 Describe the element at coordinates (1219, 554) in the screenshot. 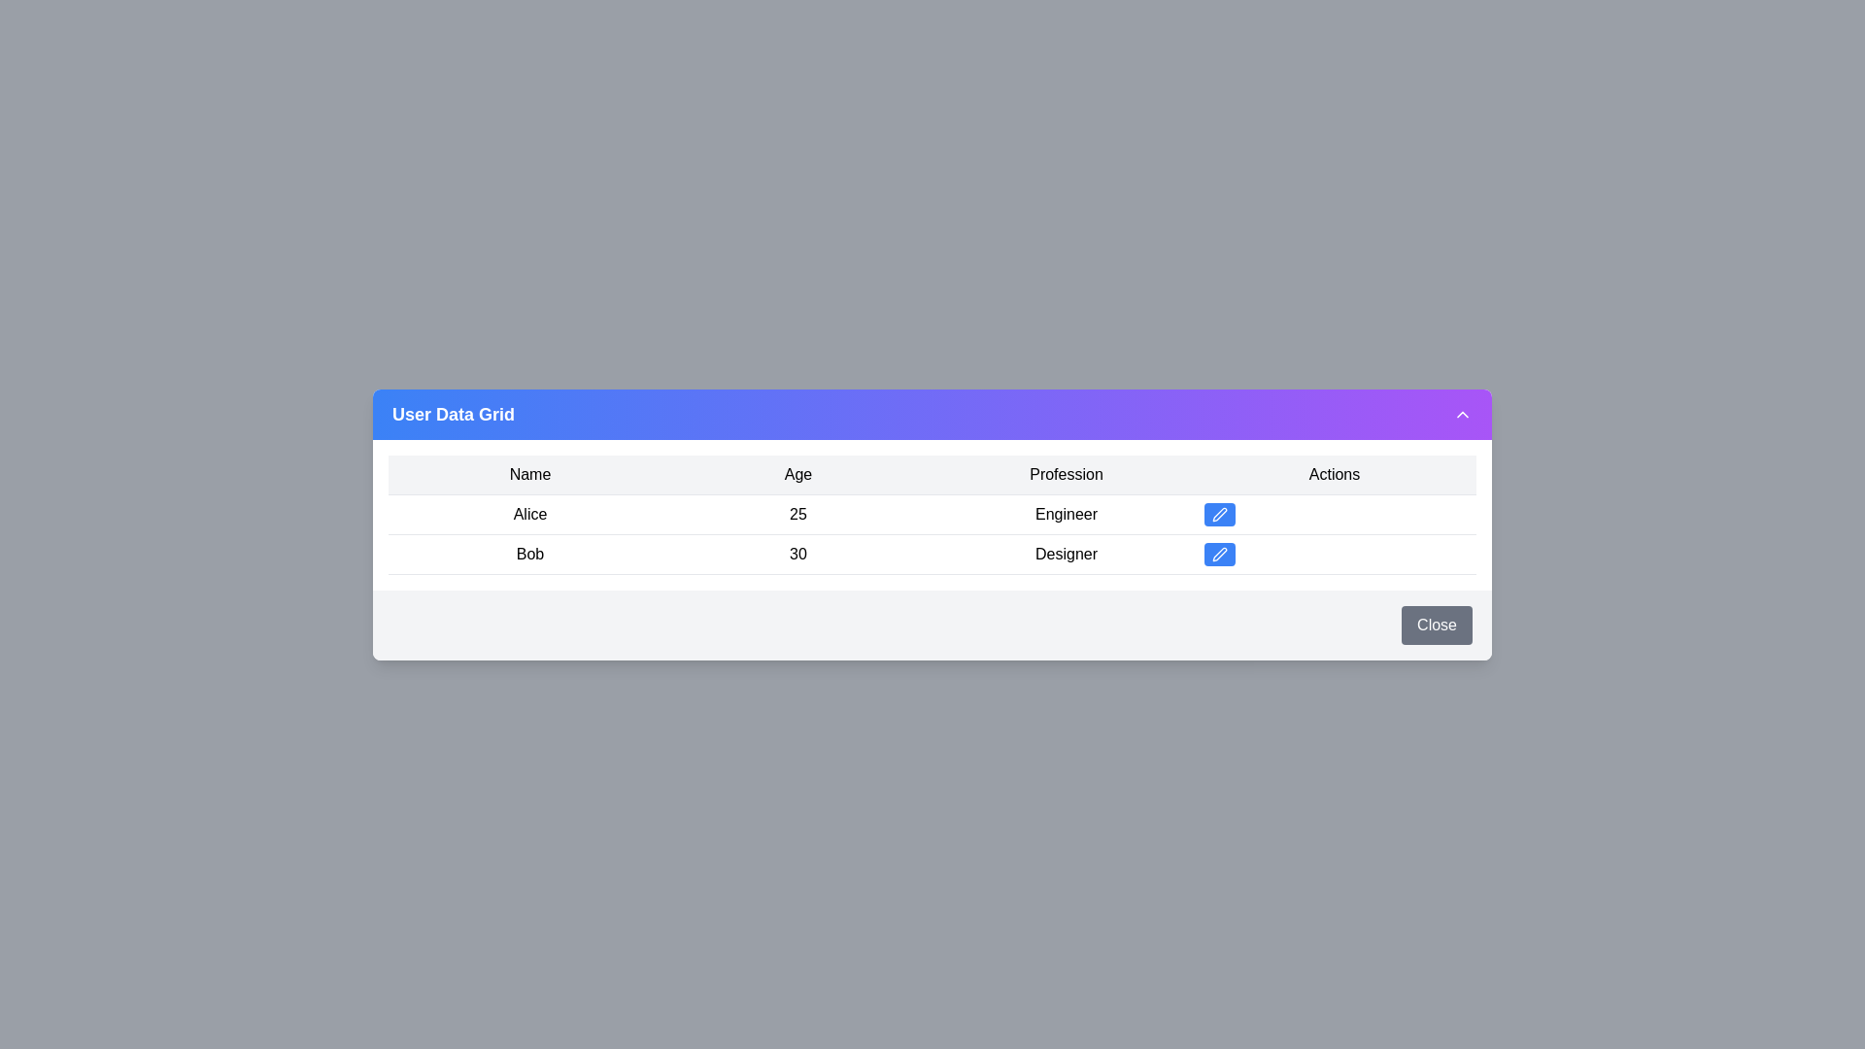

I see `the button in the 'Actions' column of the last row in the data table to initiate editing for the corresponding row` at that location.